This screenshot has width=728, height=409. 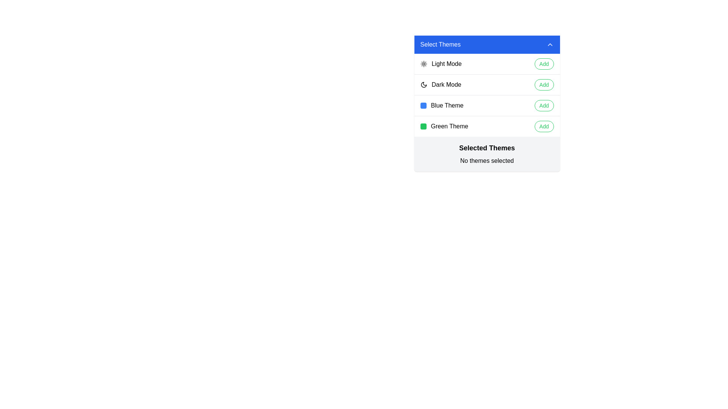 I want to click on the pill-shaped 'Add' button with a white background and green text located on the right side of the 'Light Mode' list item, so click(x=544, y=64).